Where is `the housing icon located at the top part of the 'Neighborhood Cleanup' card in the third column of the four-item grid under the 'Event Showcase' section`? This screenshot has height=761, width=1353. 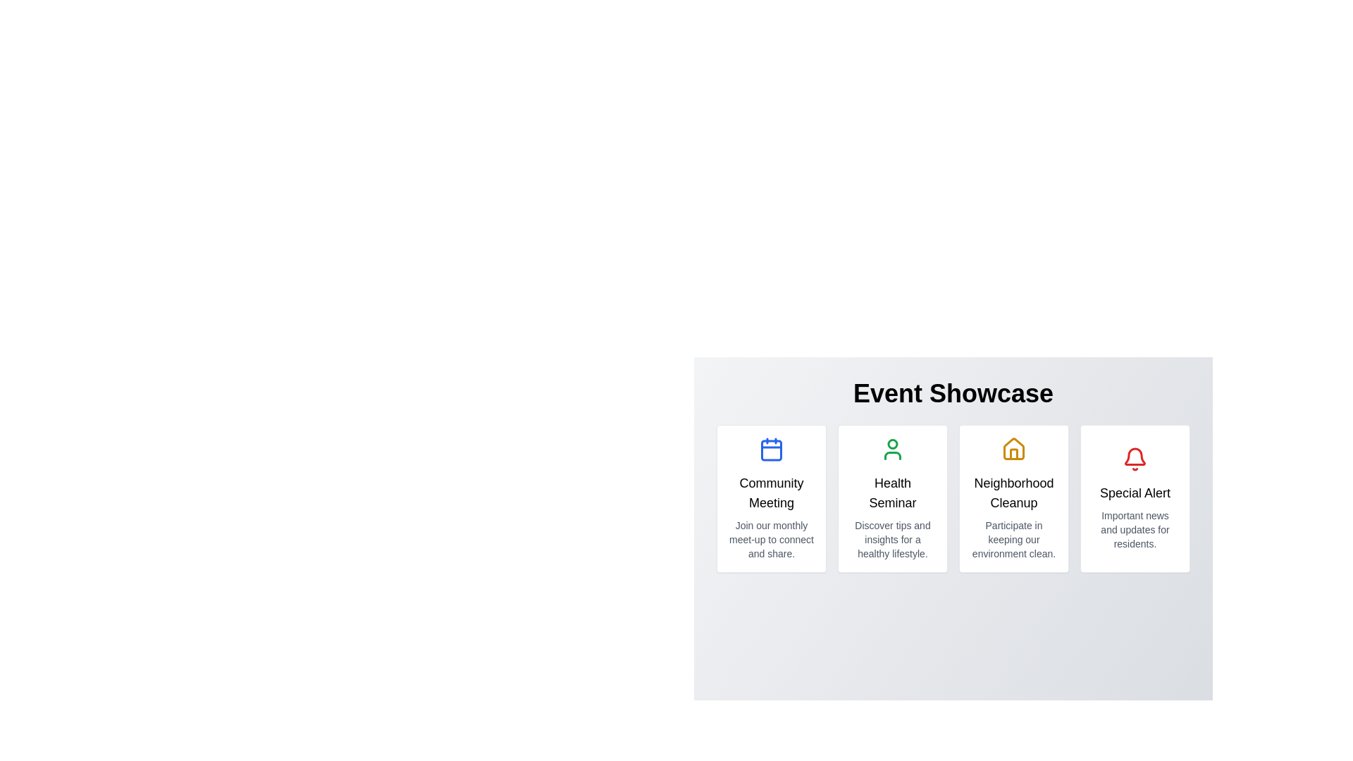 the housing icon located at the top part of the 'Neighborhood Cleanup' card in the third column of the four-item grid under the 'Event Showcase' section is located at coordinates (1013, 449).